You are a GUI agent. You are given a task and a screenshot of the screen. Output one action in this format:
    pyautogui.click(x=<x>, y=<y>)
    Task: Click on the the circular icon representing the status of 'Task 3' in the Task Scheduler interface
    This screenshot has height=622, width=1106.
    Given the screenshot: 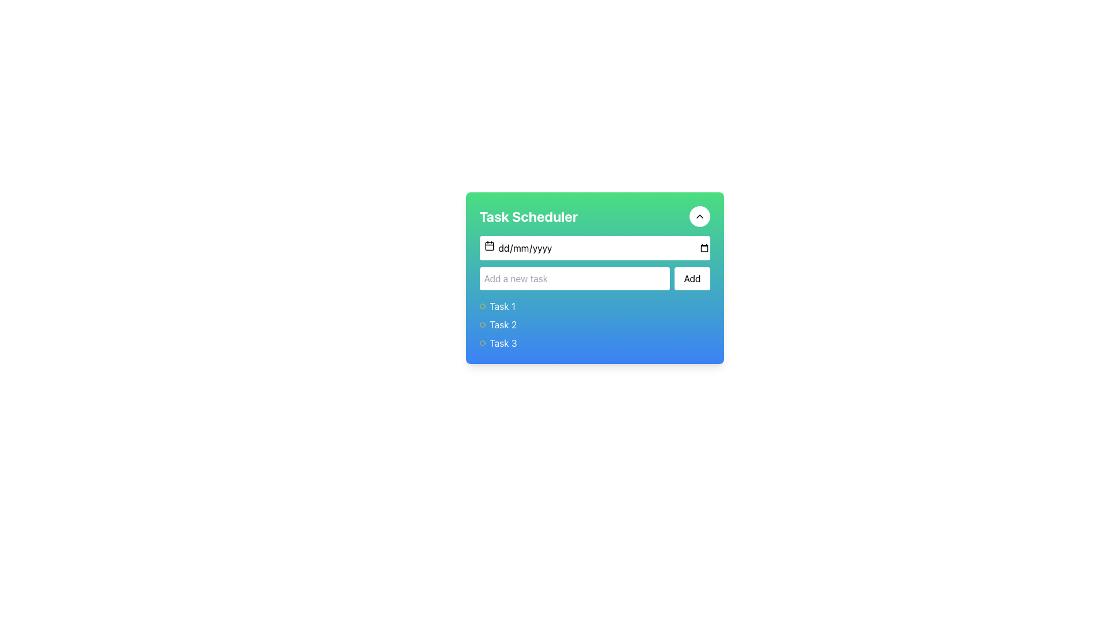 What is the action you would take?
    pyautogui.click(x=482, y=343)
    